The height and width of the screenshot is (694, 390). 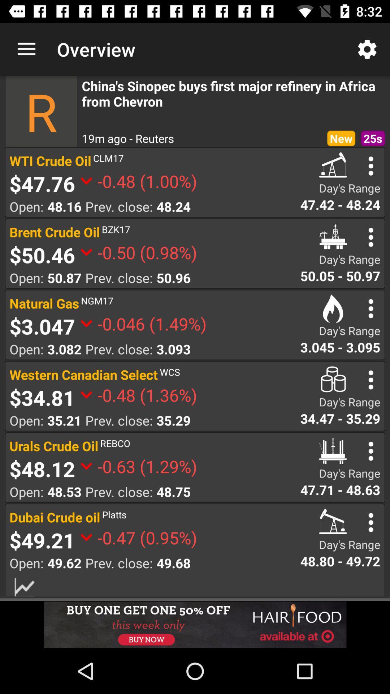 What do you see at coordinates (371, 166) in the screenshot?
I see `more option` at bounding box center [371, 166].